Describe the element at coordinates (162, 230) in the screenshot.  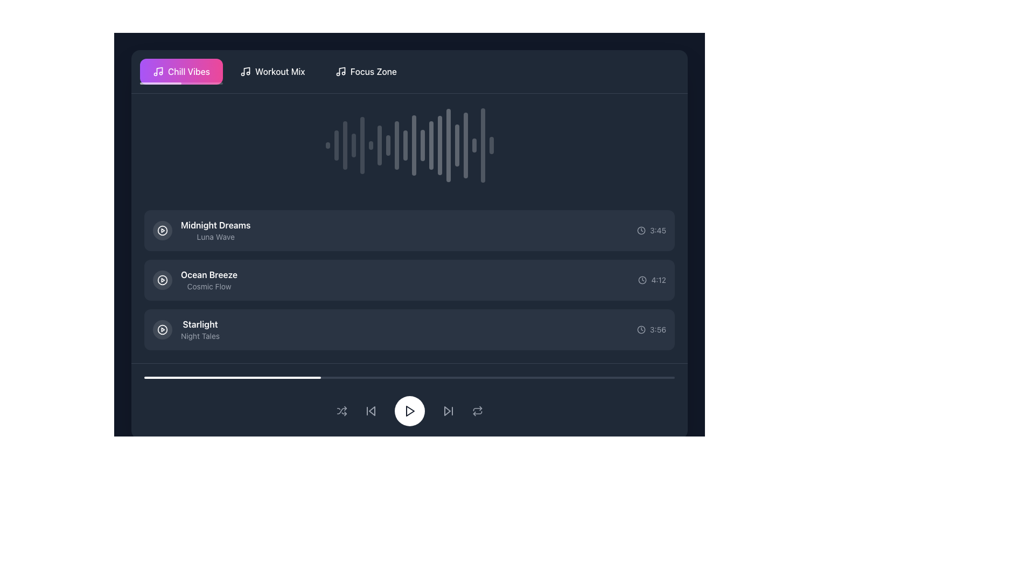
I see `the play button for the track 'Midnight Dreams - Luna Wave'` at that location.